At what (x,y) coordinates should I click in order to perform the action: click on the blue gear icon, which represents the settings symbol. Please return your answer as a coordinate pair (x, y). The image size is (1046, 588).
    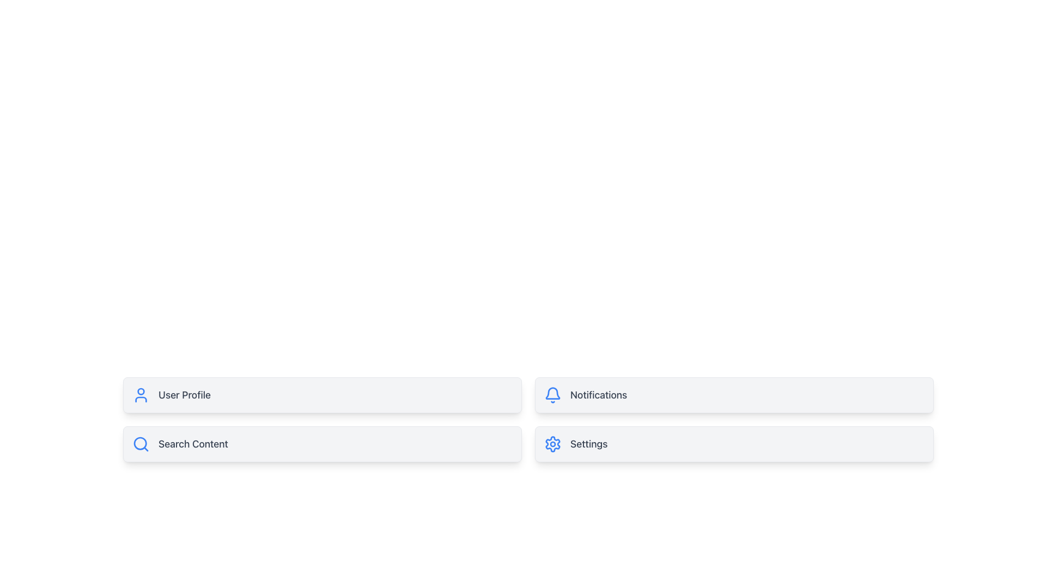
    Looking at the image, I should click on (552, 444).